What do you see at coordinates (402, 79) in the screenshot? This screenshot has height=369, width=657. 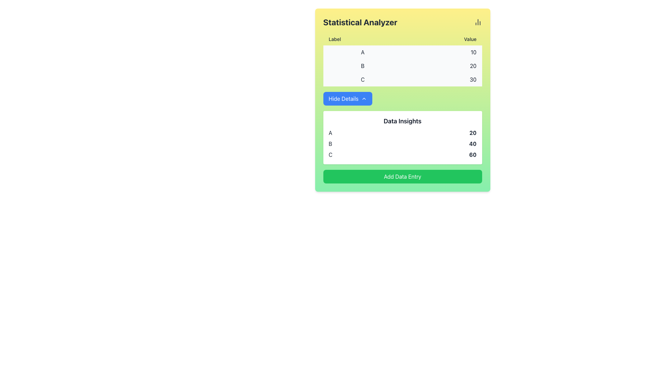 I see `the third list item containing a 'C' on the left and the value '30' on the right` at bounding box center [402, 79].